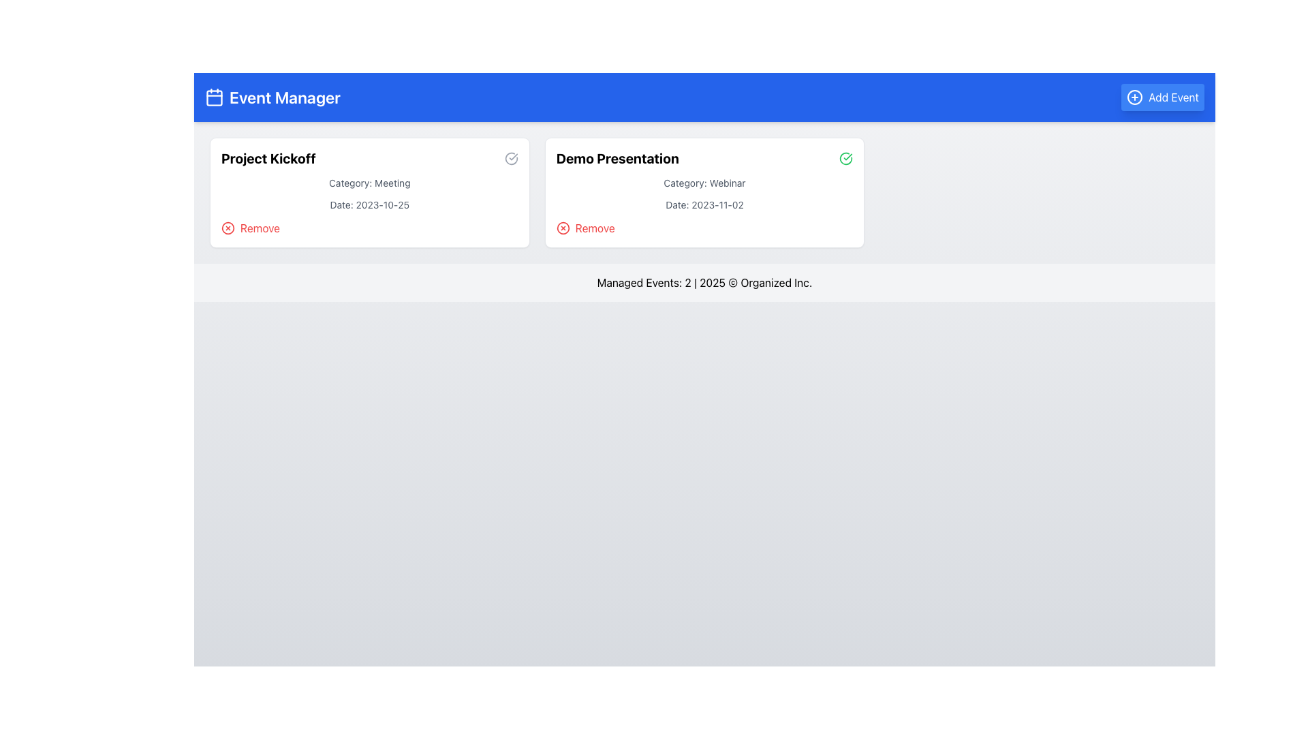 The height and width of the screenshot is (736, 1308). What do you see at coordinates (585, 228) in the screenshot?
I see `the red 'Remove' button, which features a circular 'X' icon and the text 'Remove', located within the 'Demo Presentation' card` at bounding box center [585, 228].